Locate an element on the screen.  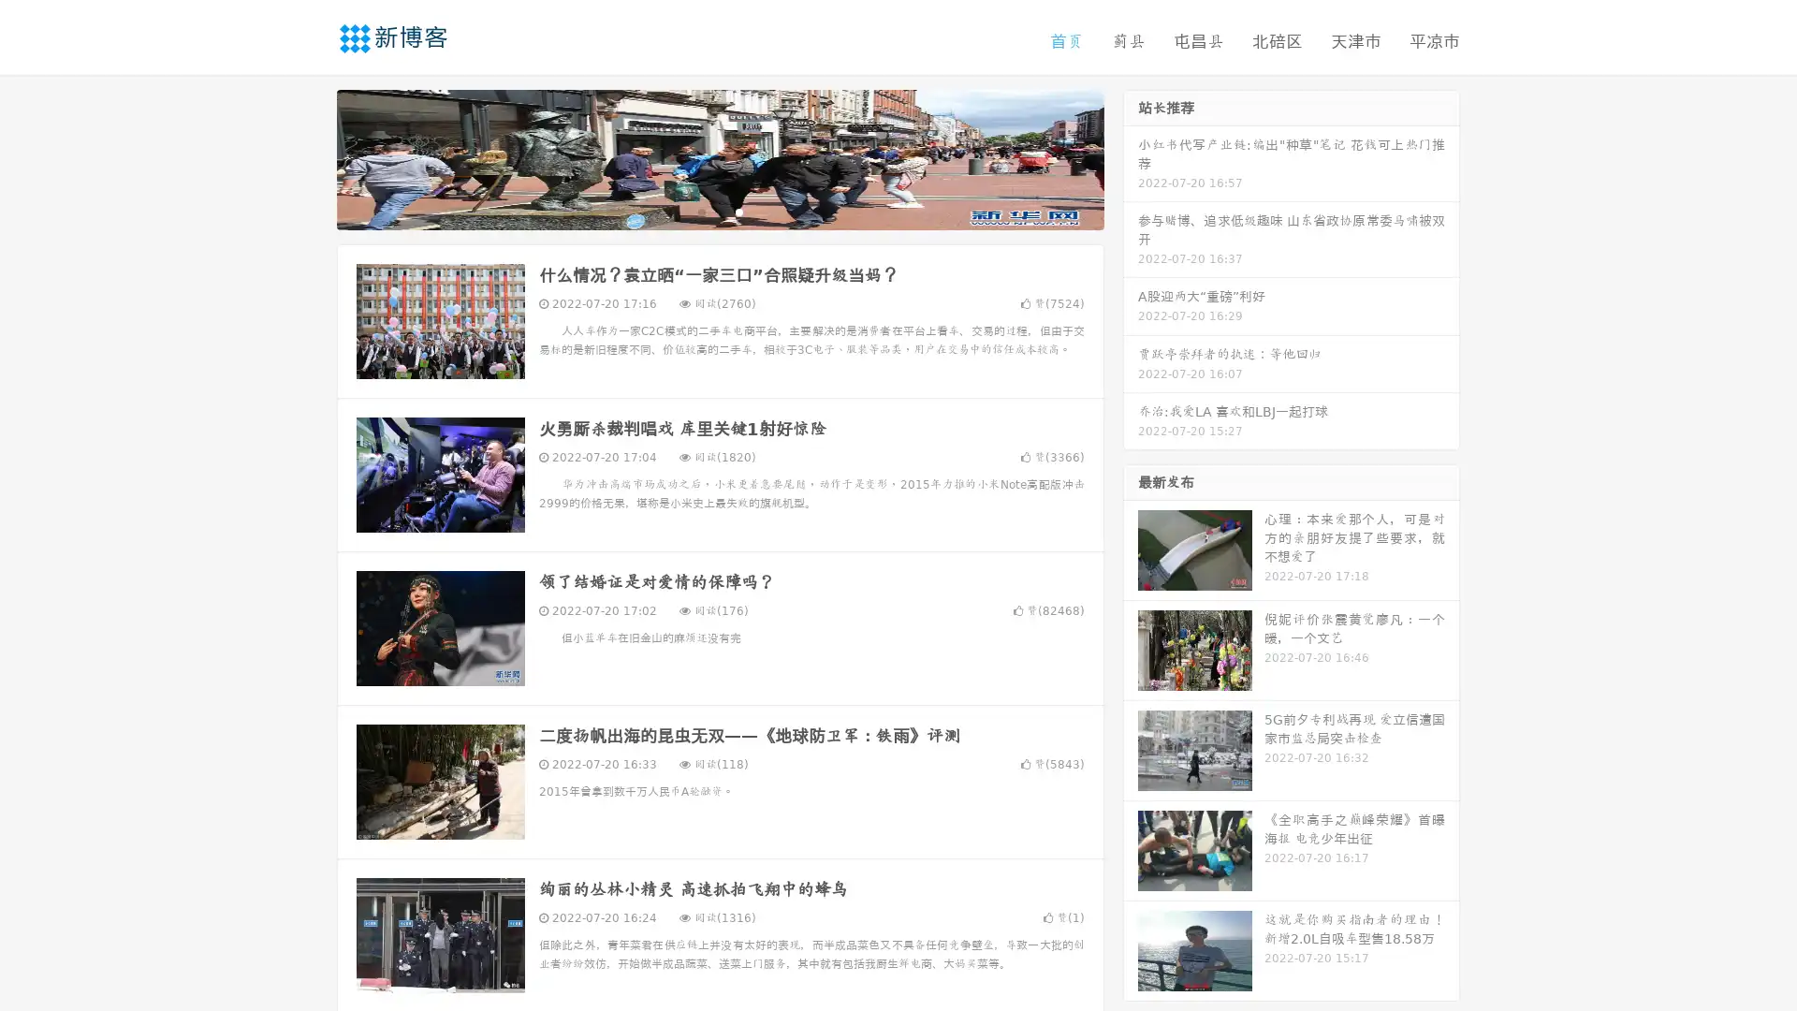
Go to slide 1 is located at coordinates (700, 211).